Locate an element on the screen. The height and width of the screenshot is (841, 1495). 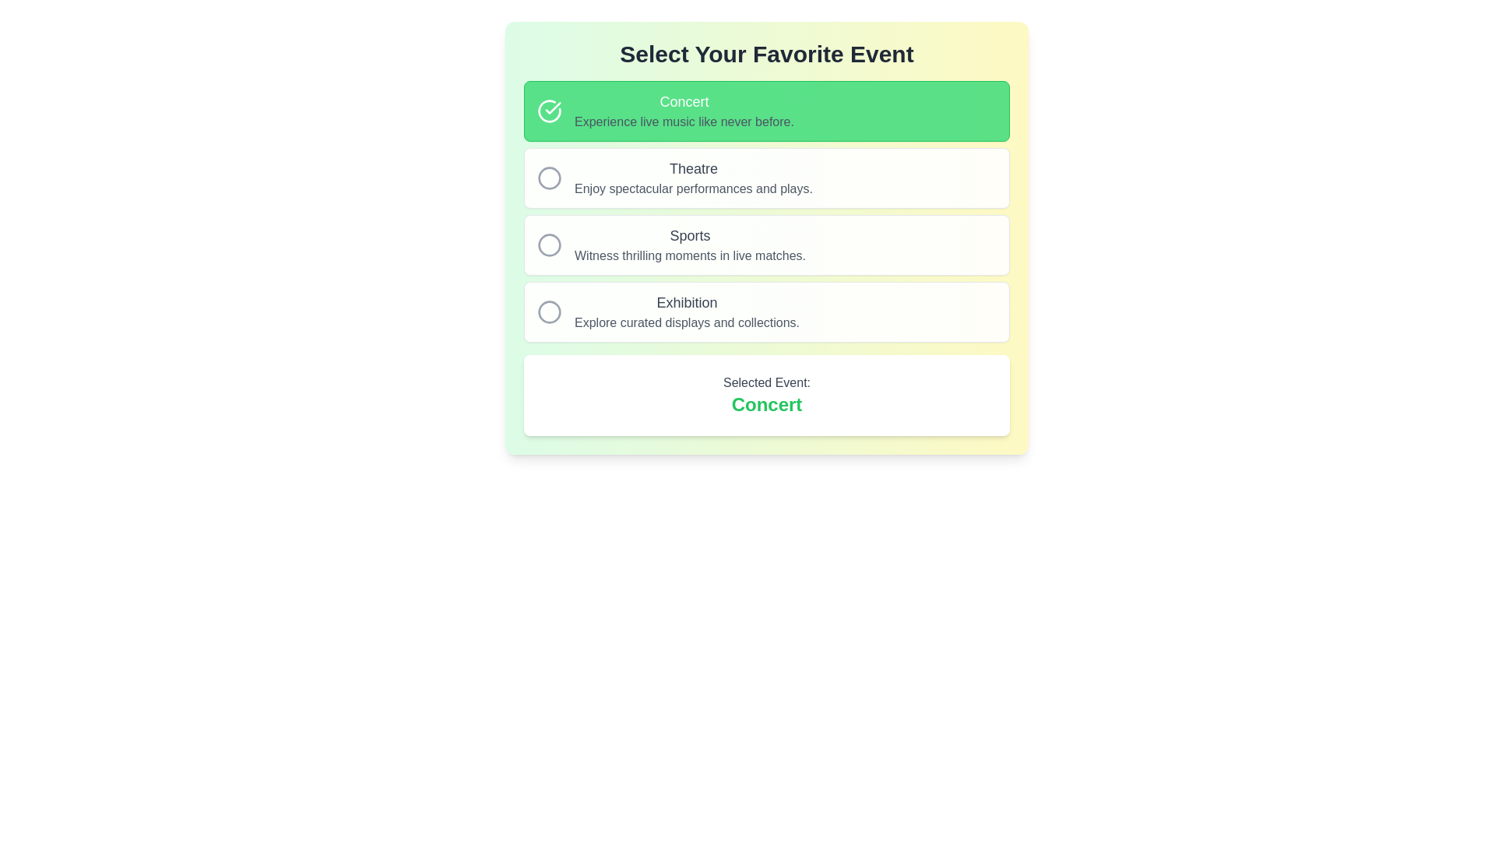
the 'Exhibition' text label, which consists of the title in a larger bold font and a subtitle in smaller gray font, positioned as the fourth option in a vertical list beneath 'Sports' is located at coordinates (686, 312).